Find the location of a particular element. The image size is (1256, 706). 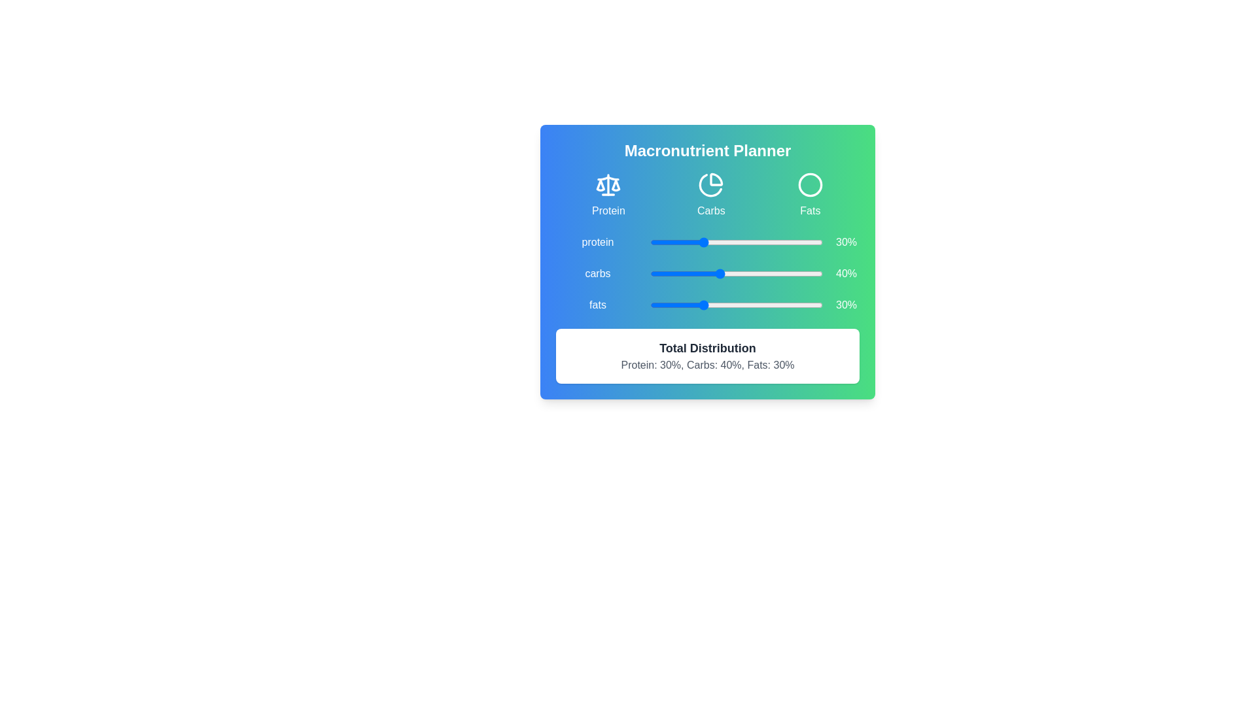

the heading label that indicates the section for distribution data summary, positioned above the text 'Protein: 30%, Carbs: 40%, Fats: 30%' within a white box with rounded corners is located at coordinates (706, 347).